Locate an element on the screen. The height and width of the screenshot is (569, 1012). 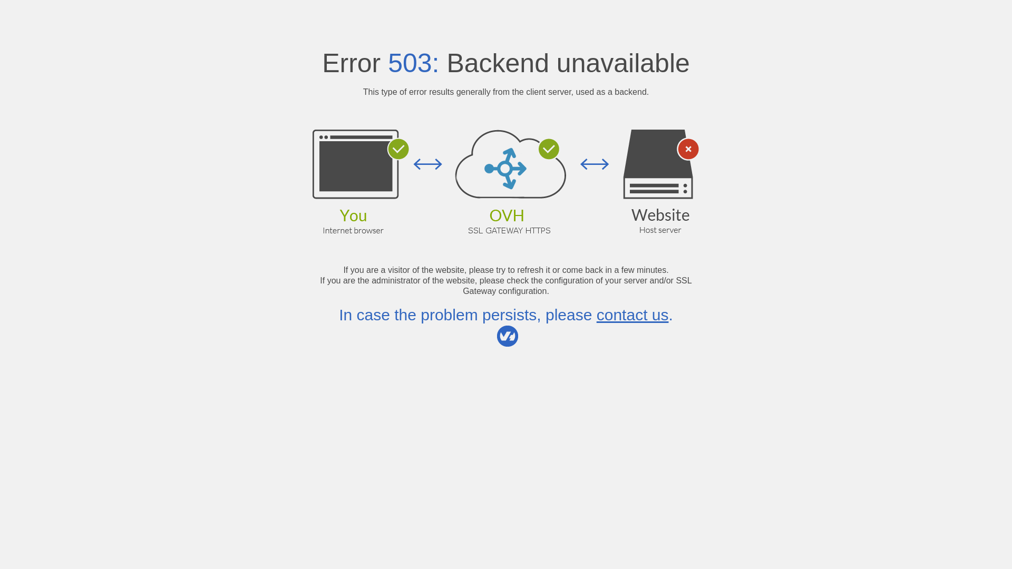
'contact us' is located at coordinates (632, 314).